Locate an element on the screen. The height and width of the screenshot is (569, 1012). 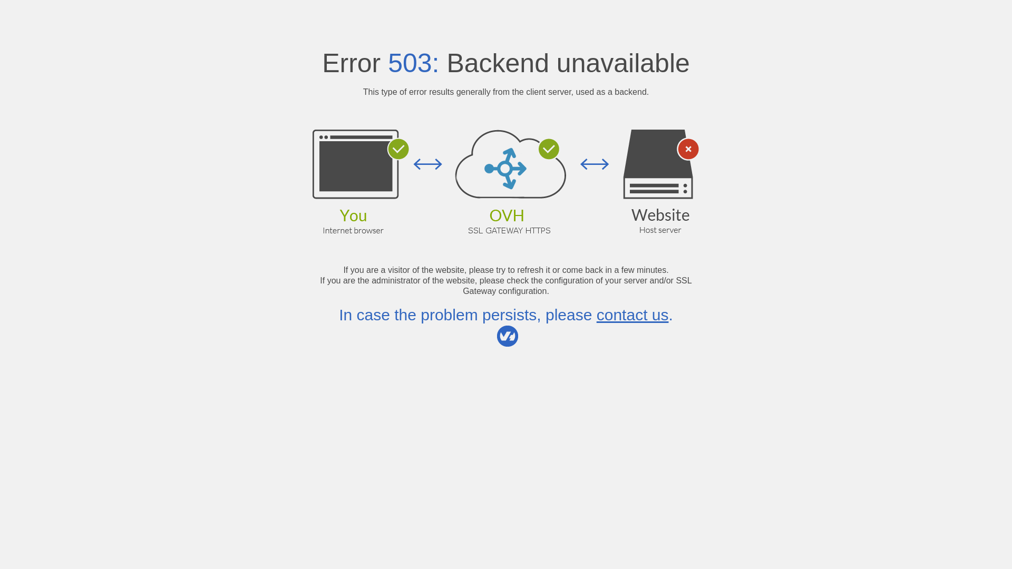
'contact us' is located at coordinates (632, 314).